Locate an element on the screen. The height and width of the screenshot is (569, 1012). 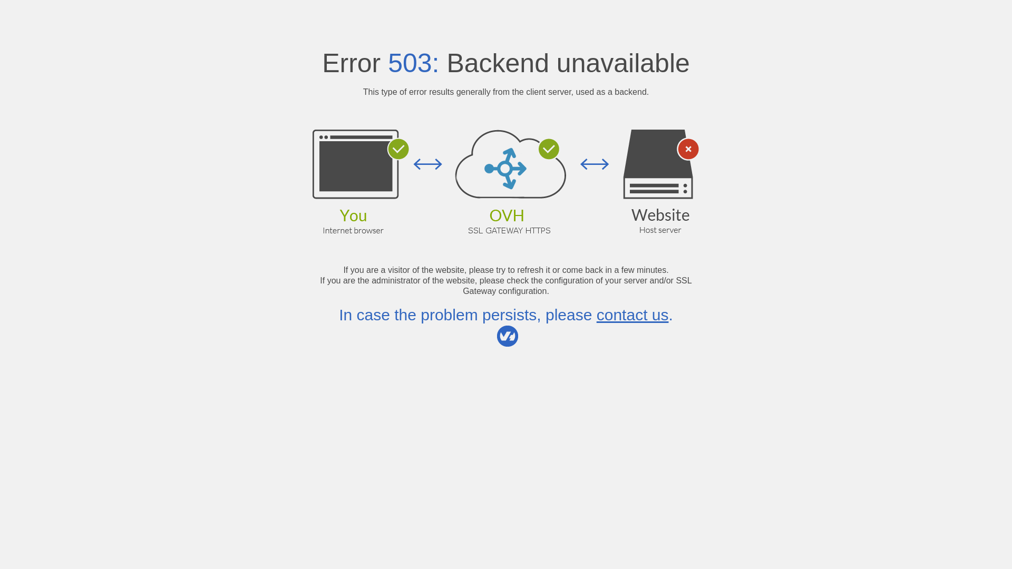
'contact us' is located at coordinates (632, 314).